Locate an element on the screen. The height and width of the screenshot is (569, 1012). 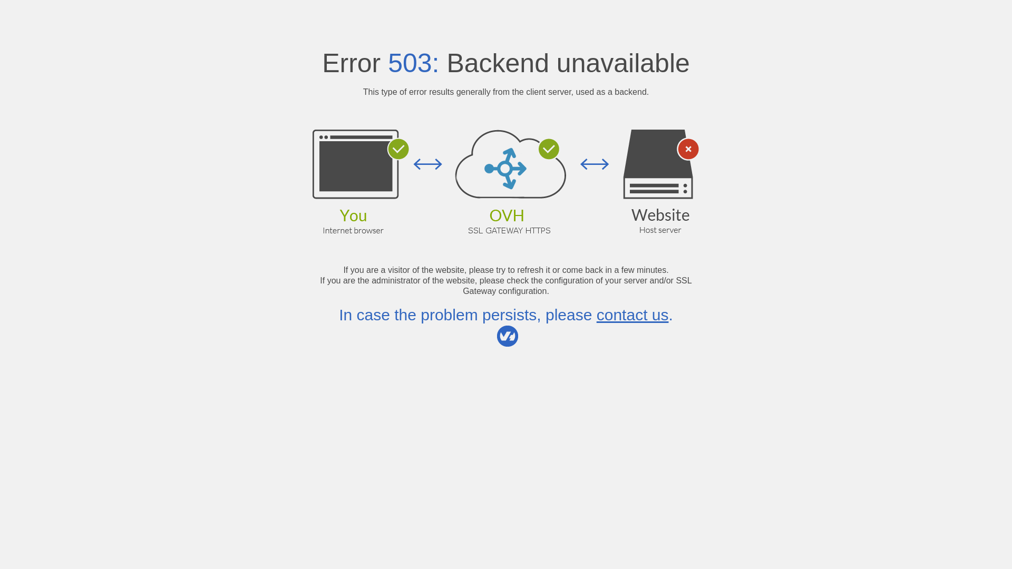
'contact us' is located at coordinates (632, 314).